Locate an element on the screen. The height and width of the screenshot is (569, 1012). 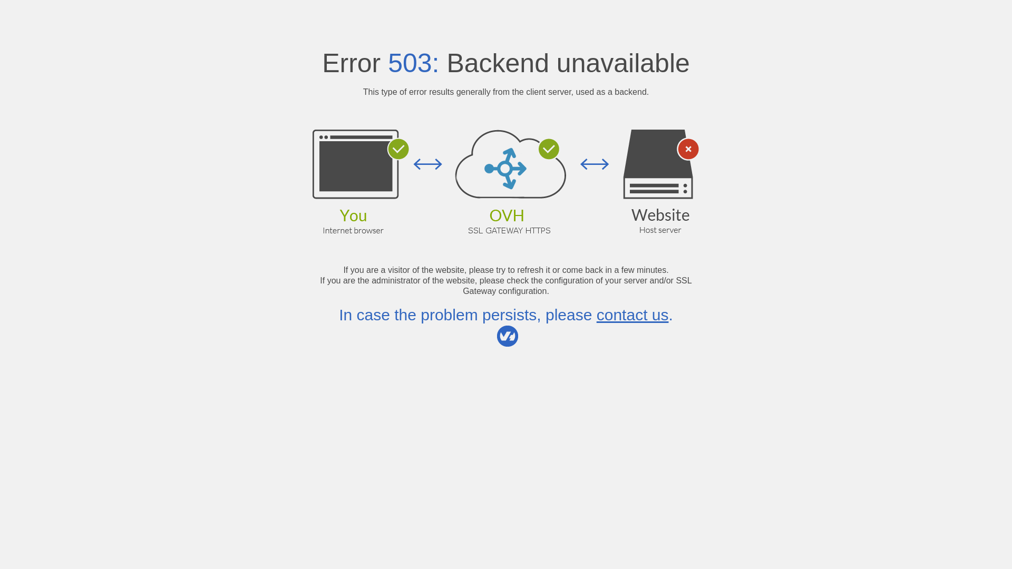
'contact us' is located at coordinates (632, 314).